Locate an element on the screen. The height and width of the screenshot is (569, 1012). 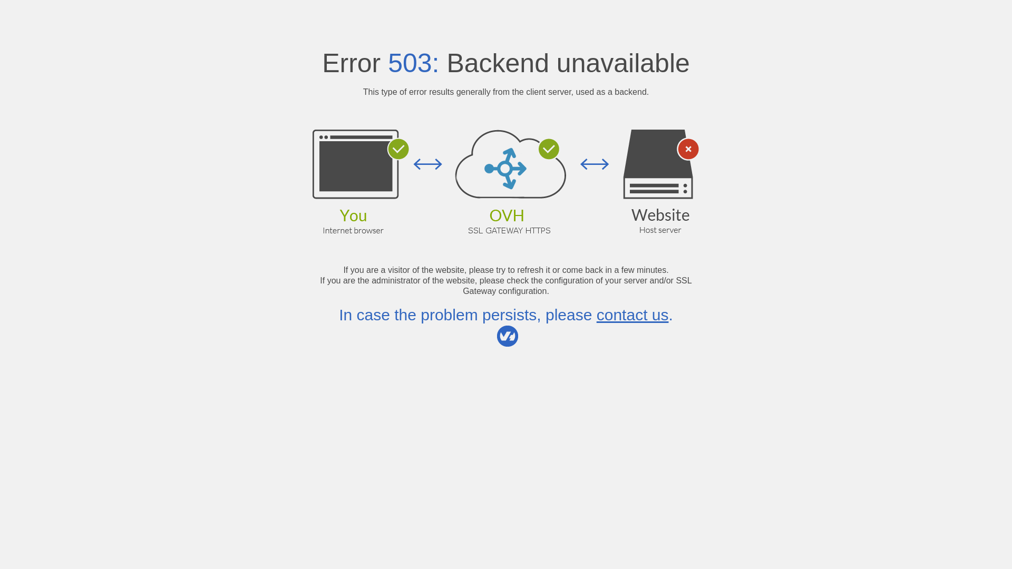
'contact us' is located at coordinates (632, 314).